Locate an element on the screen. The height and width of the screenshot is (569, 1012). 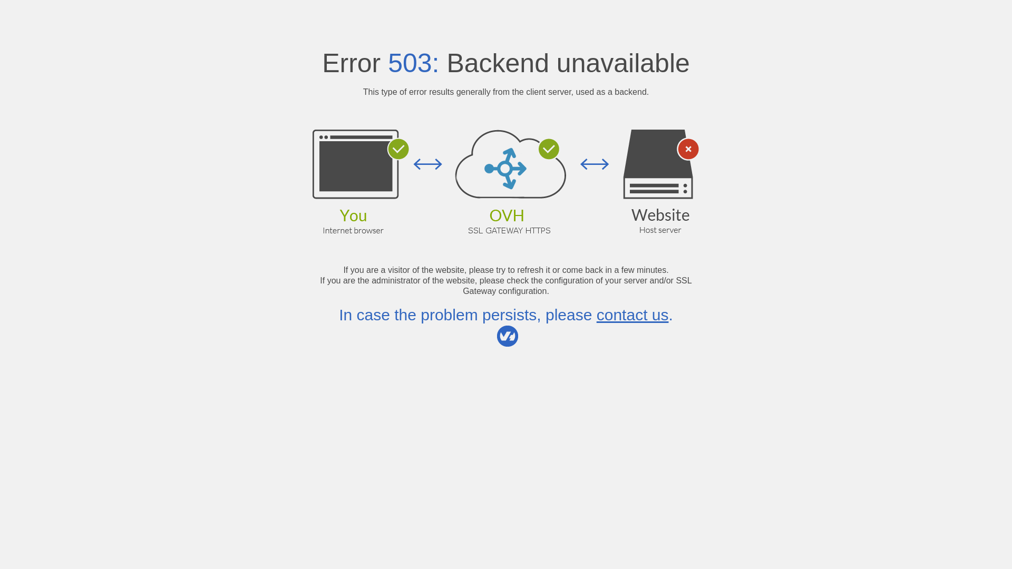
'contact us' is located at coordinates (632, 314).